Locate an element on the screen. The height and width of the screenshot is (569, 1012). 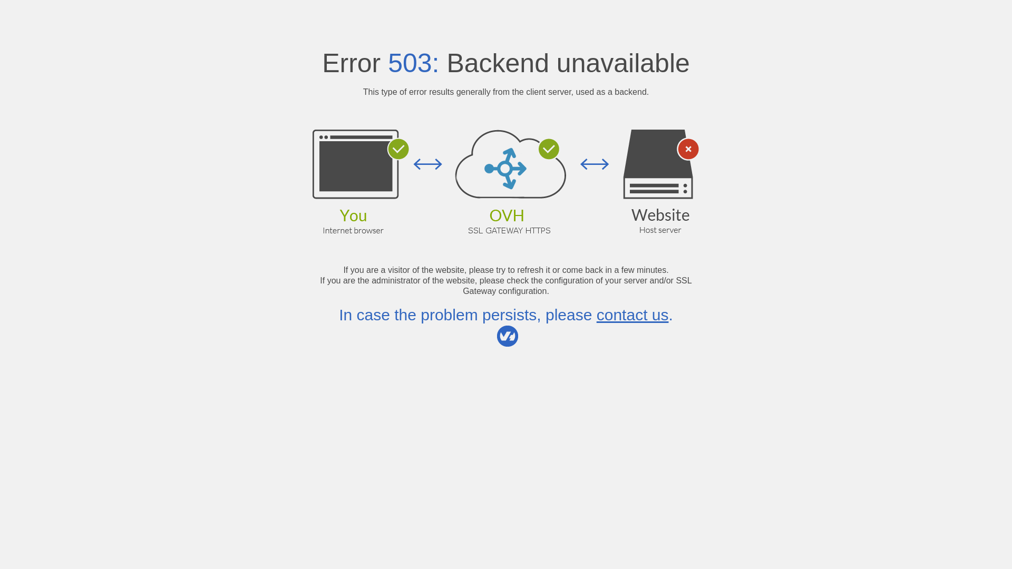
'contact us' is located at coordinates (632, 314).